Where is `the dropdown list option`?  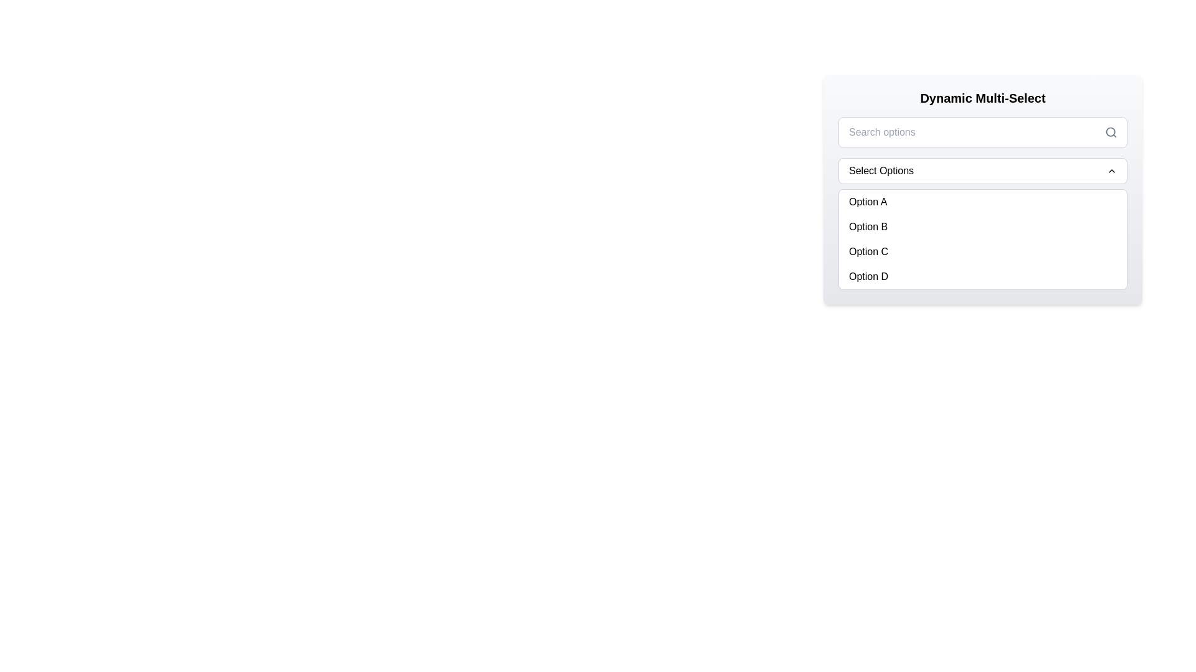
the dropdown list option is located at coordinates (982, 189).